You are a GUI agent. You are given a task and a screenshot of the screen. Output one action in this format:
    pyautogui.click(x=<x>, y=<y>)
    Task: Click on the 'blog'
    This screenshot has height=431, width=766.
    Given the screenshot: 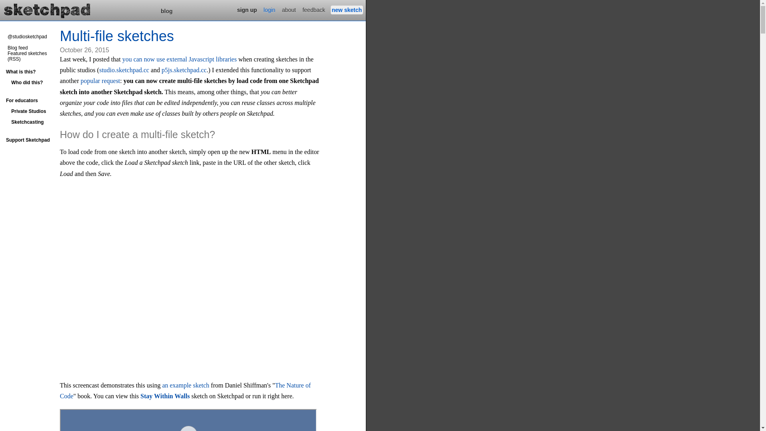 What is the action you would take?
    pyautogui.click(x=159, y=11)
    